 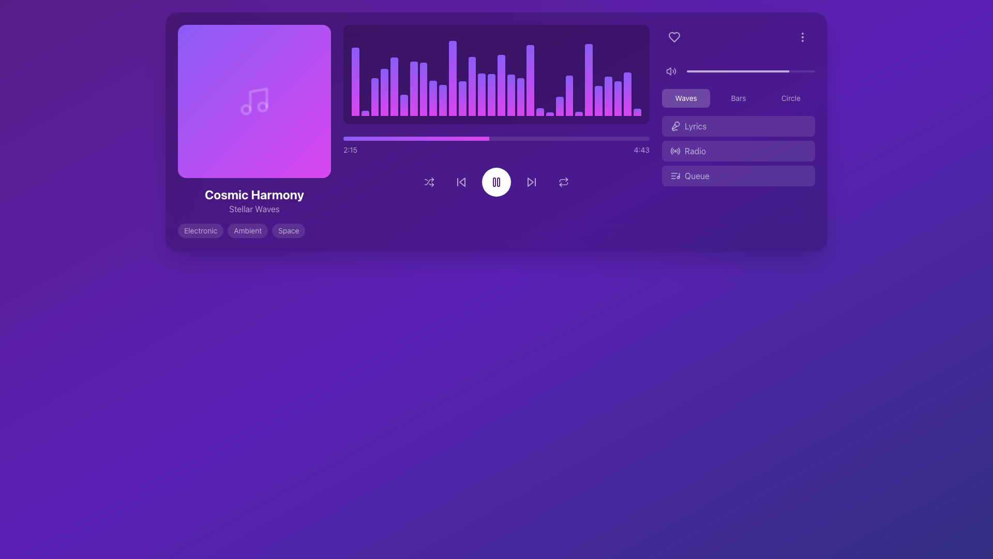 I want to click on the 29th vertical bar in the waveform display of the music player interface, which reflects the audio amplitude, so click(x=568, y=96).